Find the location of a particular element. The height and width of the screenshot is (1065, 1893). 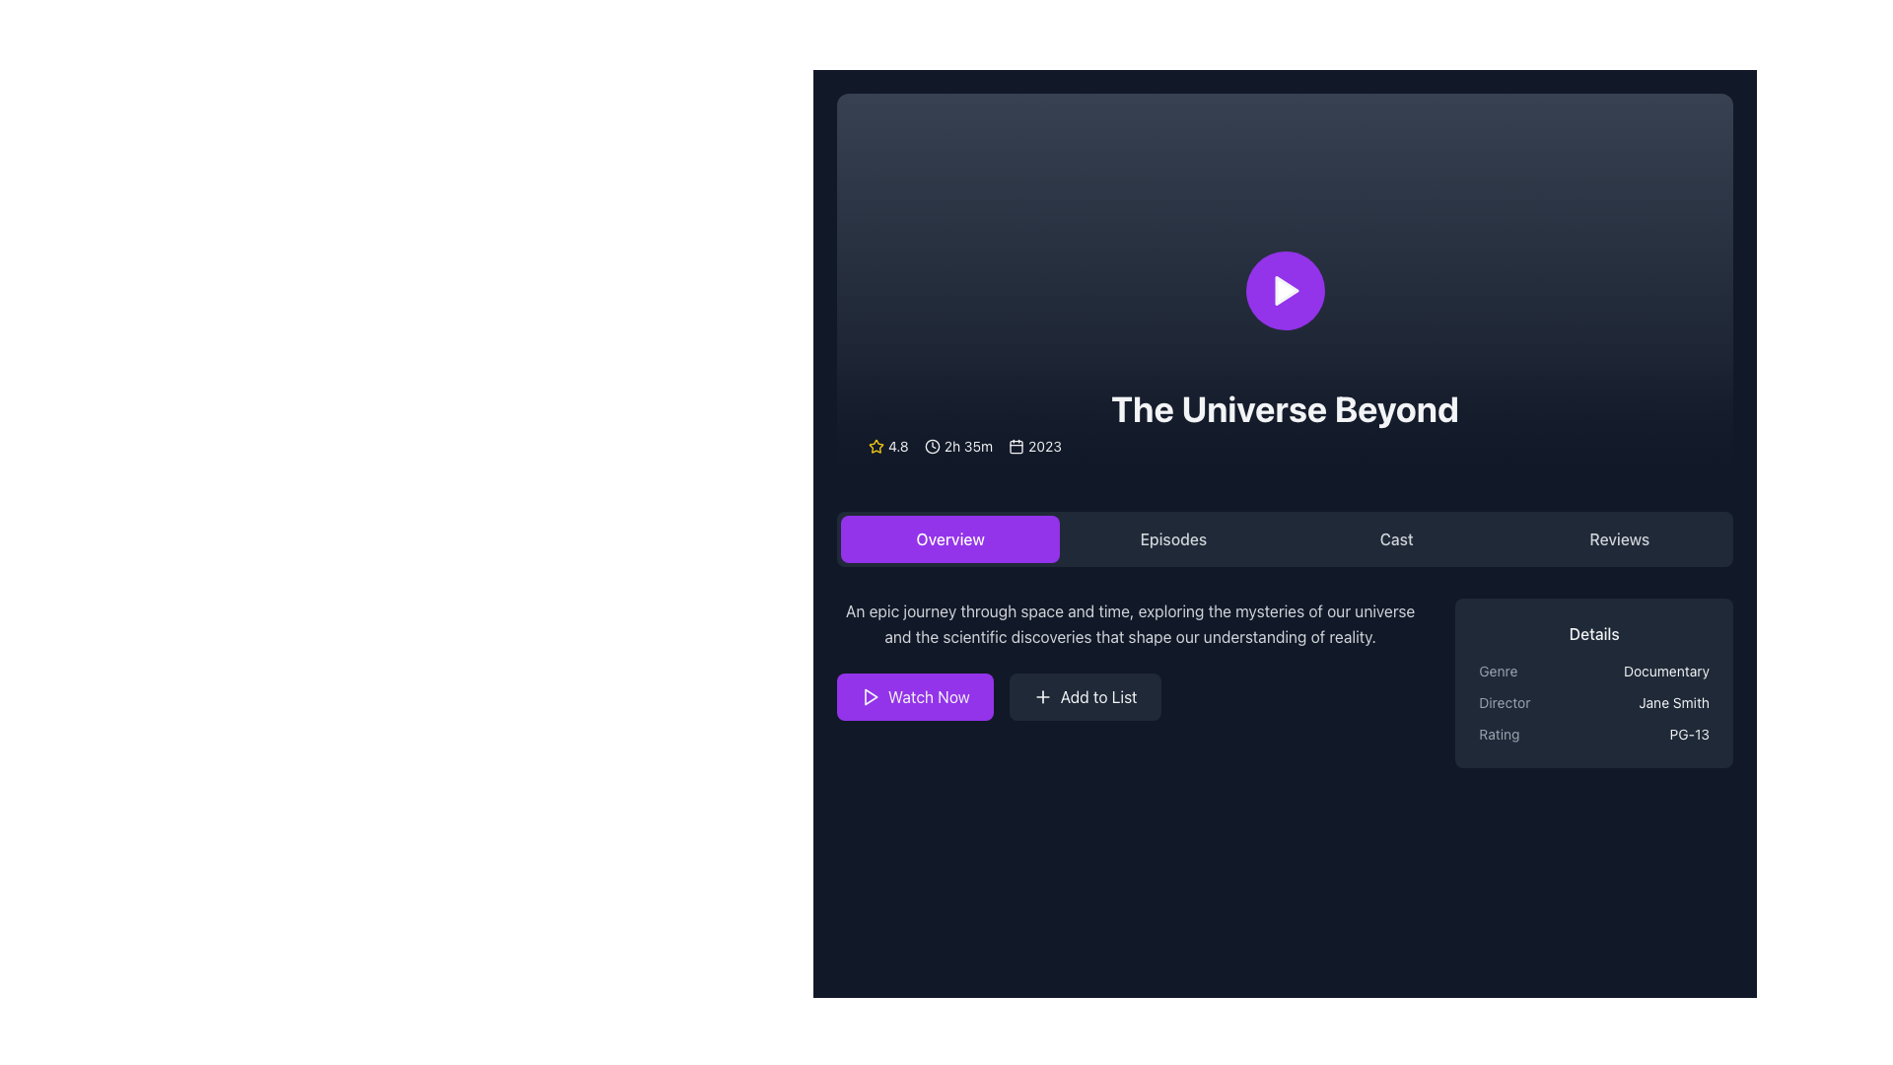

the circular purple play button located in the center of the prominent banner titled 'The Universe Beyond' is located at coordinates (1285, 290).